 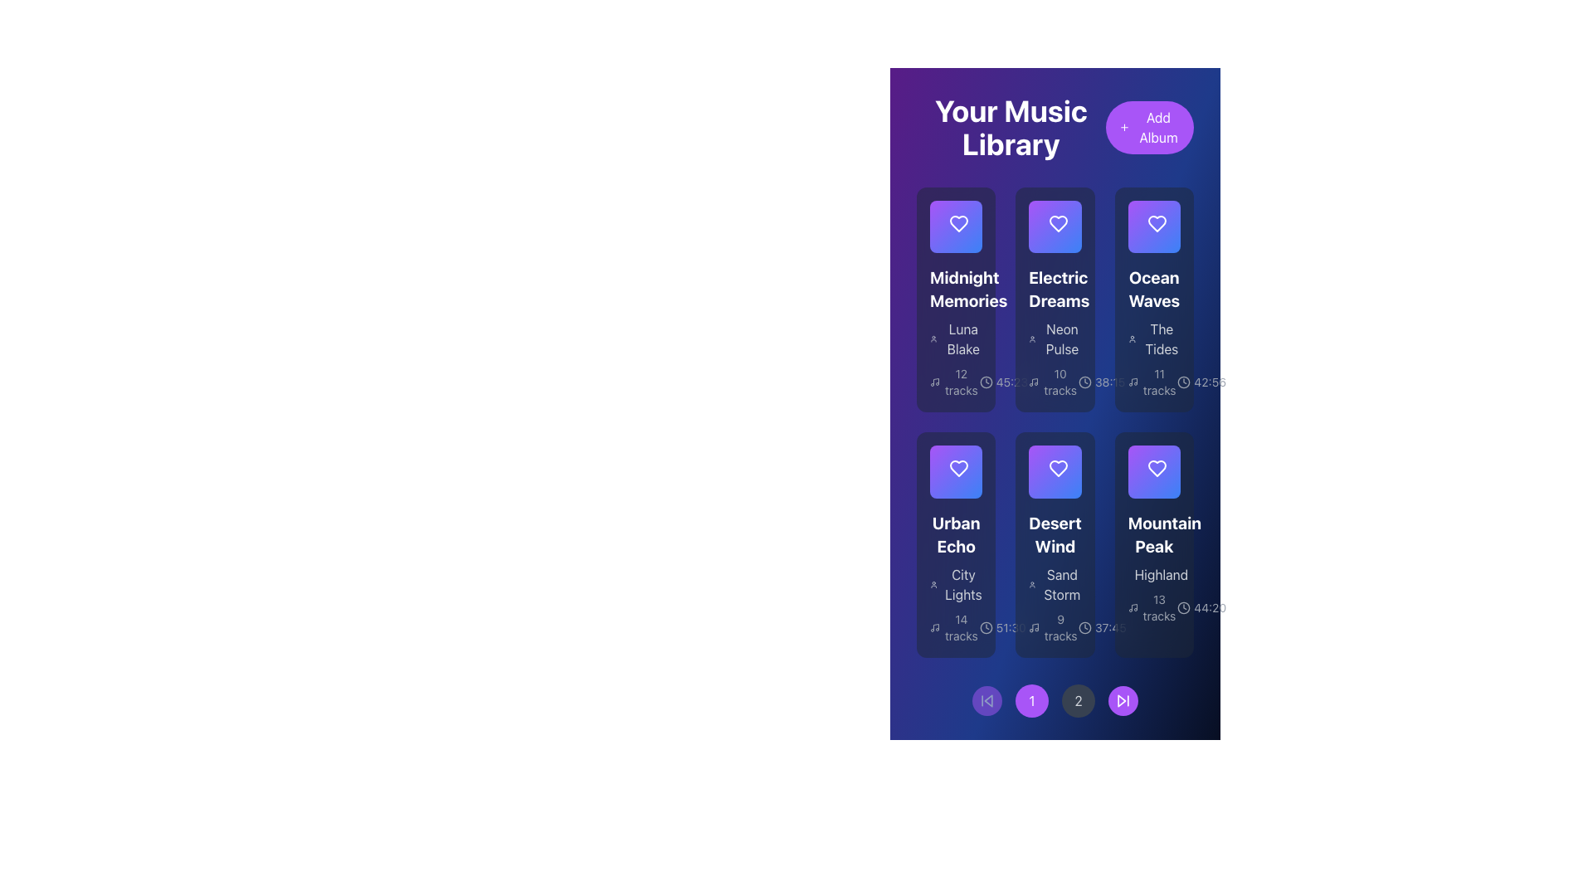 What do you see at coordinates (1201, 382) in the screenshot?
I see `the total duration text label of the album 'Ocean Waves' located in the bottom-right corner of the album card` at bounding box center [1201, 382].